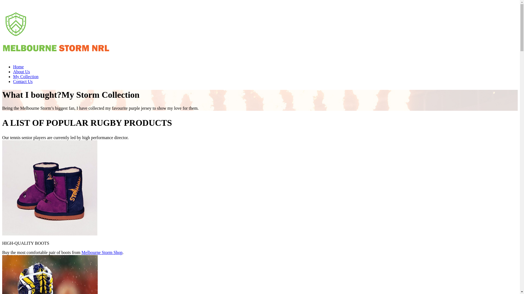 This screenshot has width=524, height=294. What do you see at coordinates (25, 76) in the screenshot?
I see `'My Collection'` at bounding box center [25, 76].